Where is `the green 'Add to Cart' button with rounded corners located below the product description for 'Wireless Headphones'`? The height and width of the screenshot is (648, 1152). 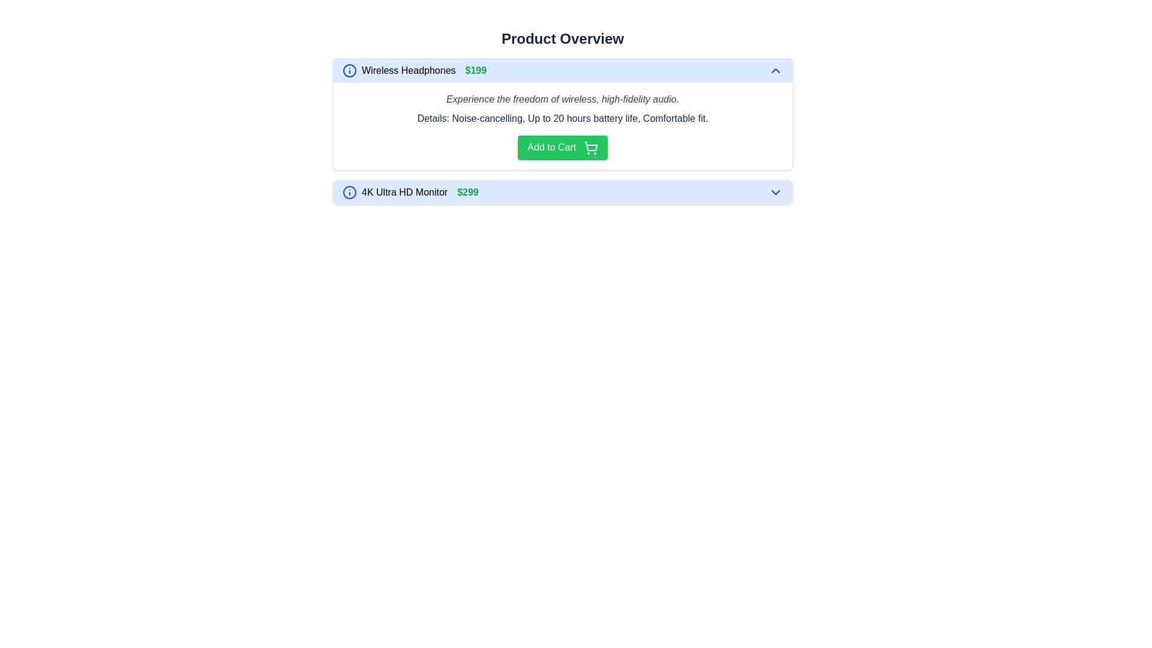 the green 'Add to Cart' button with rounded corners located below the product description for 'Wireless Headphones' is located at coordinates (562, 147).